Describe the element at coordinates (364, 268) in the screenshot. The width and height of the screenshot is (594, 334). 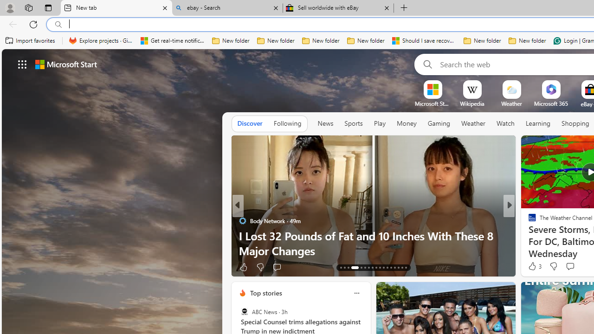
I see `'AutomationID: tab-18'` at that location.